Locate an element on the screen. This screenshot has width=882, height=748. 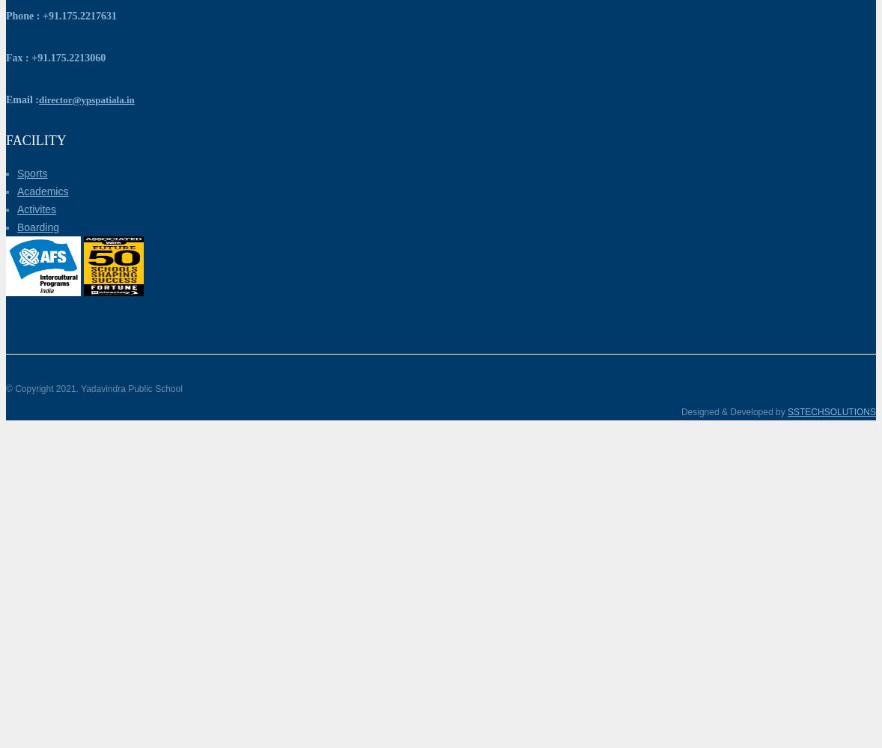
'director@ypspatiala.in' is located at coordinates (85, 99).